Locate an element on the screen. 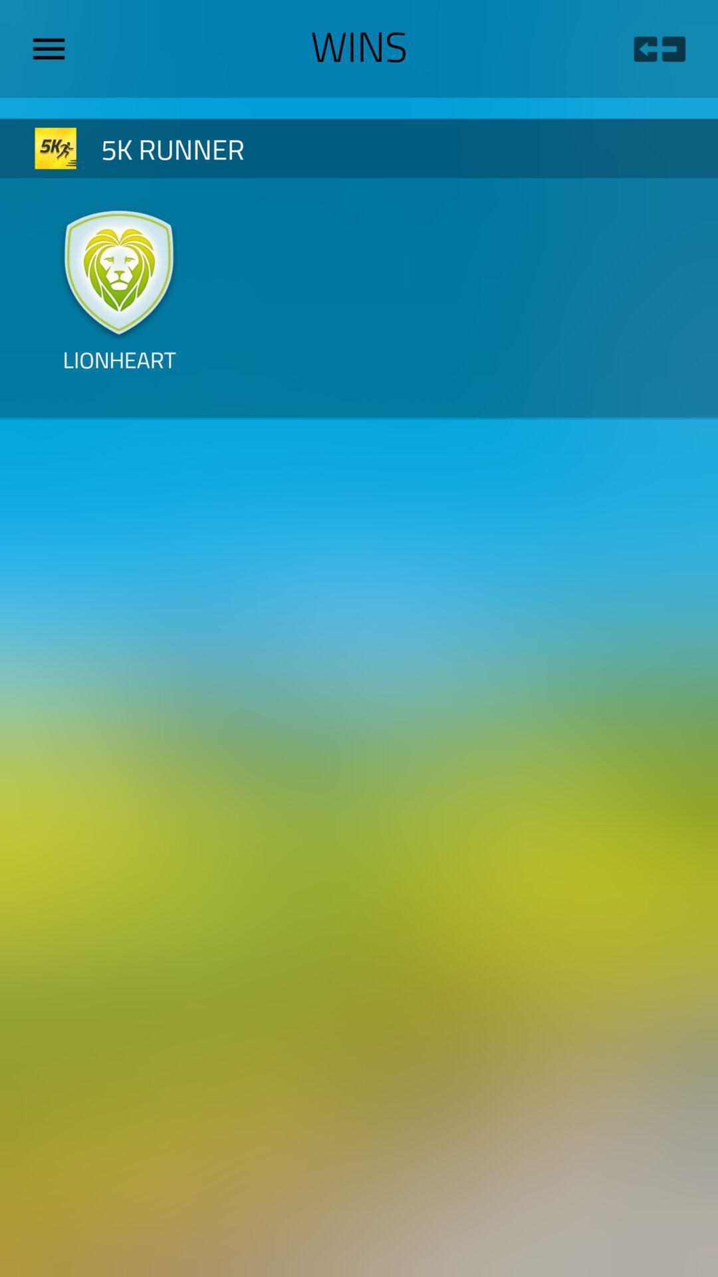 Image resolution: width=718 pixels, height=1277 pixels. the icon to the left of the wins is located at coordinates (53, 49).